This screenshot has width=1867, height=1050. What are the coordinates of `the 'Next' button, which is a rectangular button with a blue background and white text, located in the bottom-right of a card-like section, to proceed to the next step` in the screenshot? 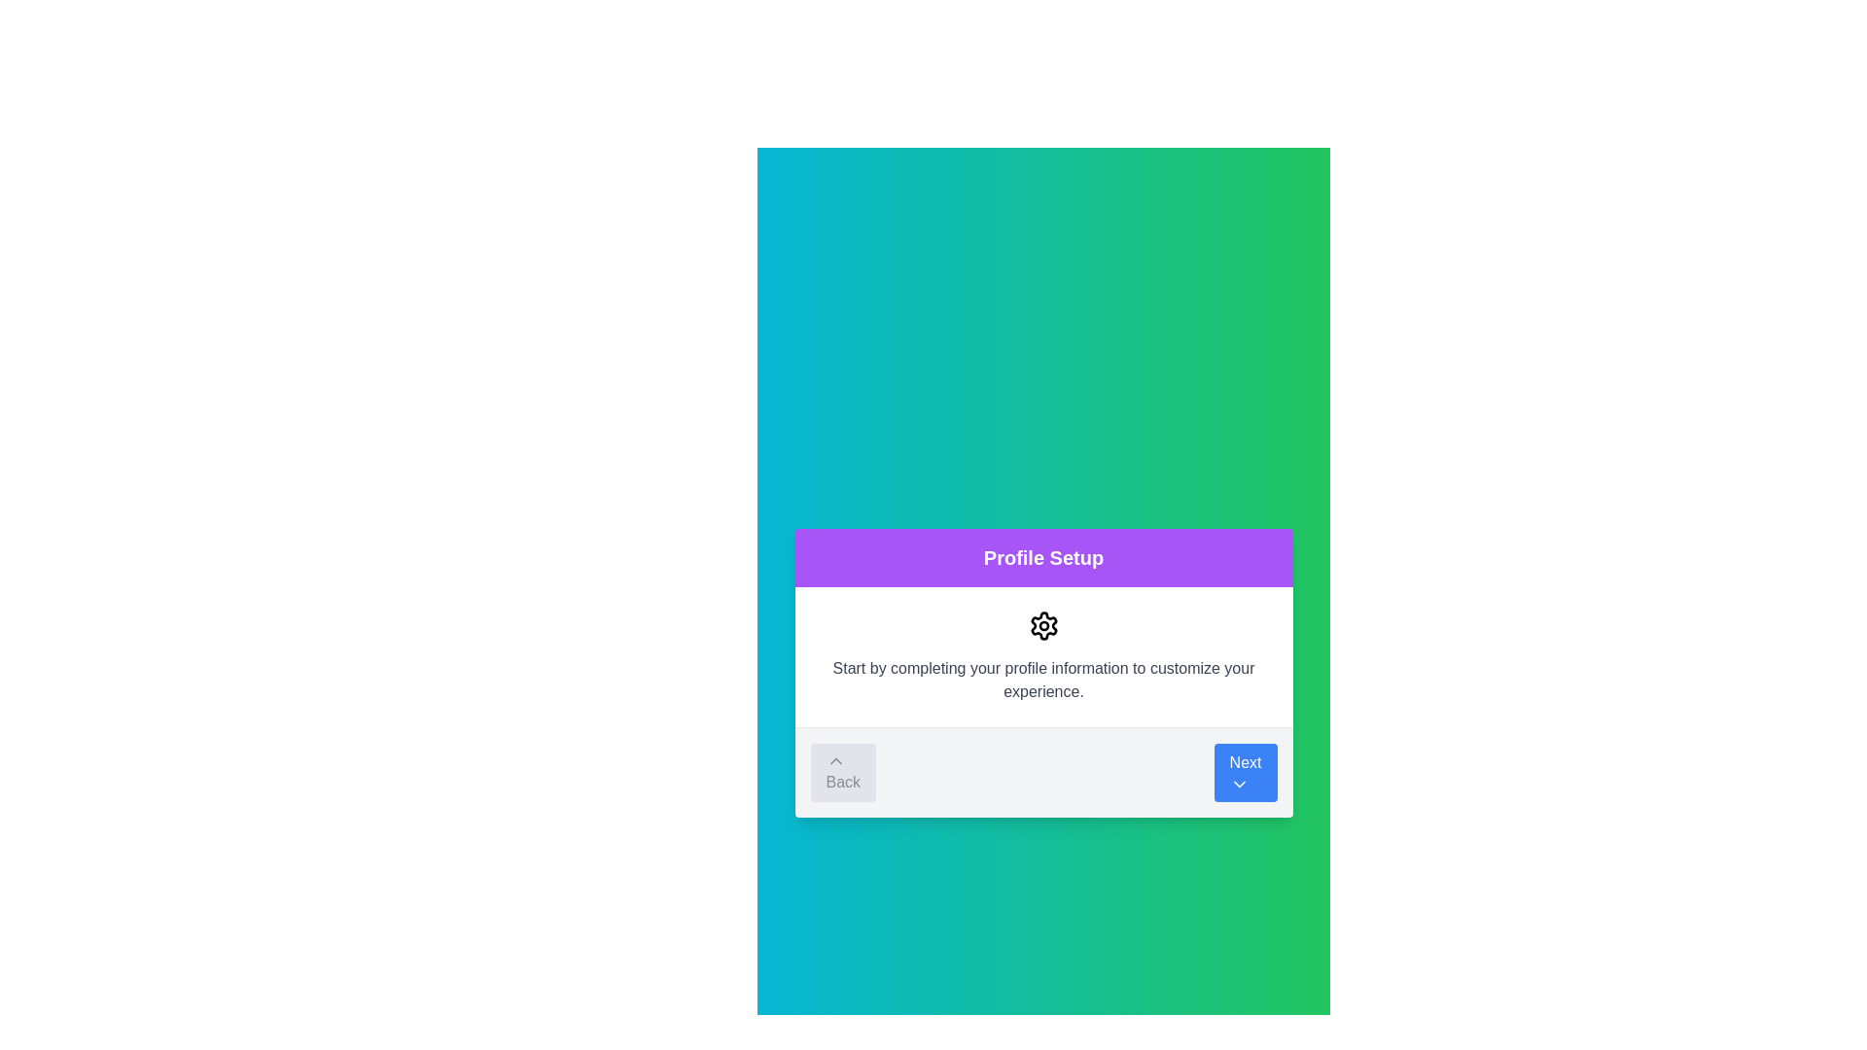 It's located at (1246, 771).